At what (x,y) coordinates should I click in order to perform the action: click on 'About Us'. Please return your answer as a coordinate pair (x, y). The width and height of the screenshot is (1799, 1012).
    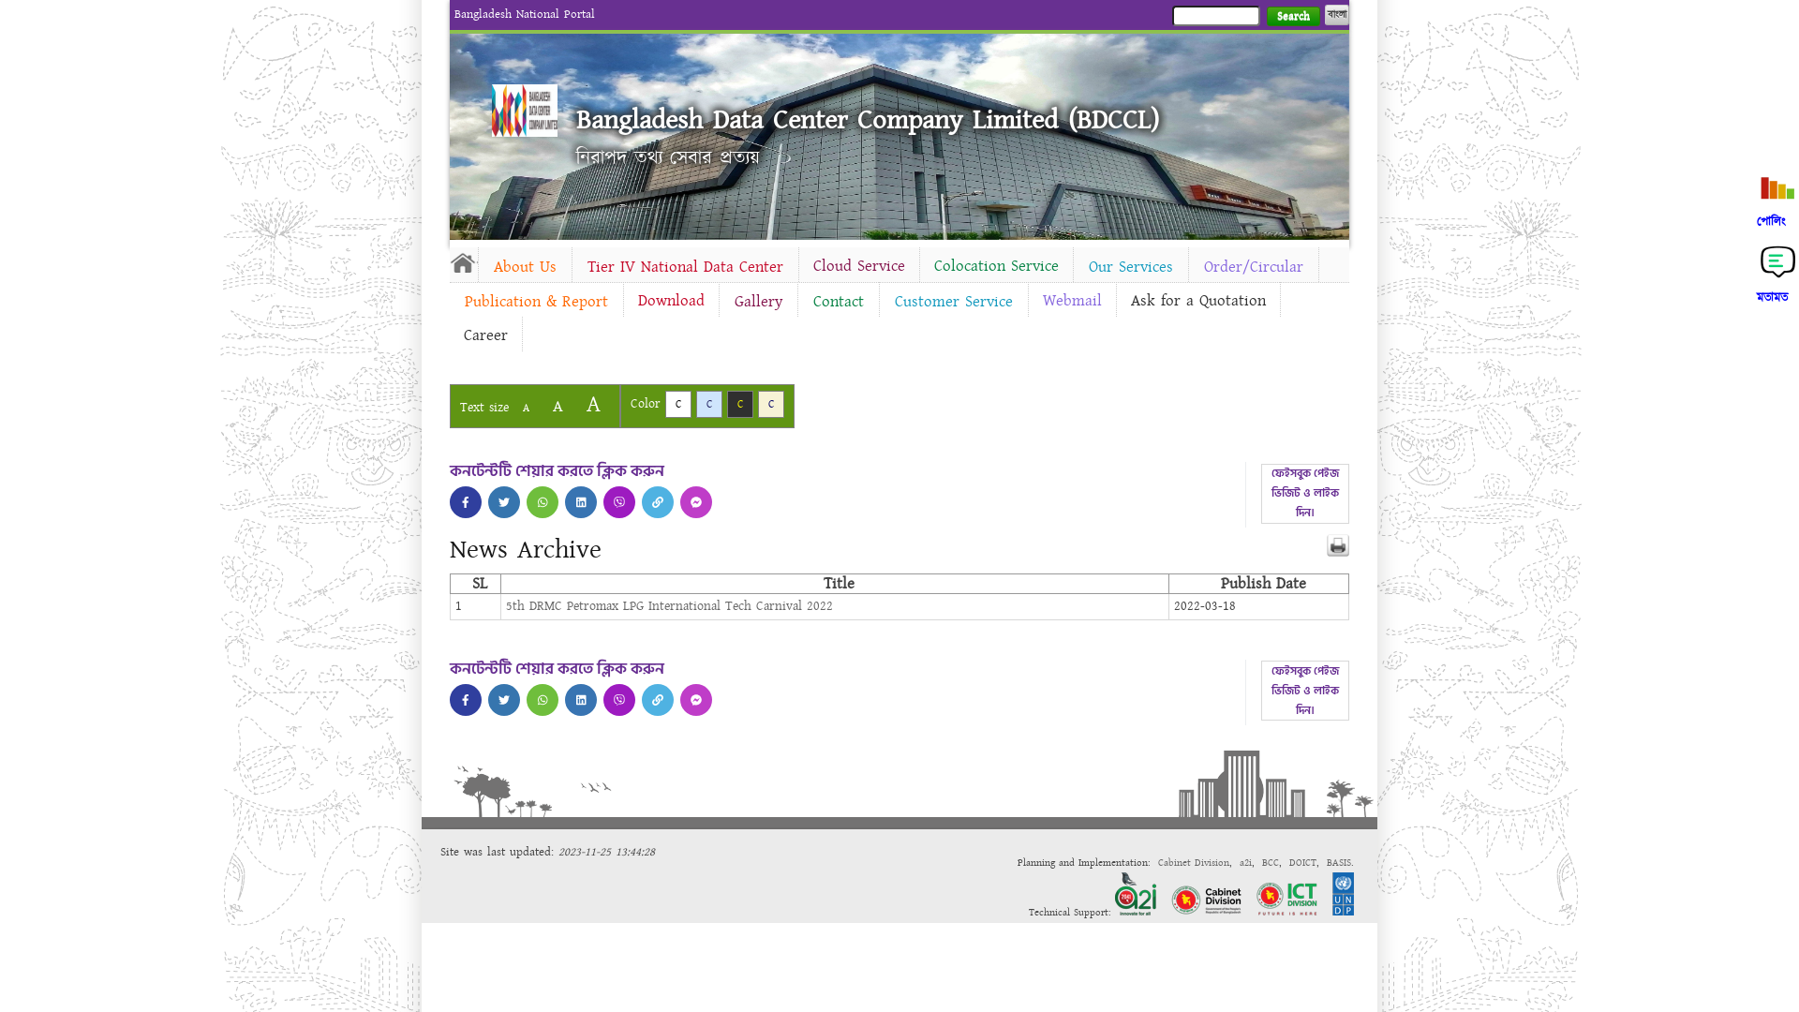
    Looking at the image, I should click on (525, 267).